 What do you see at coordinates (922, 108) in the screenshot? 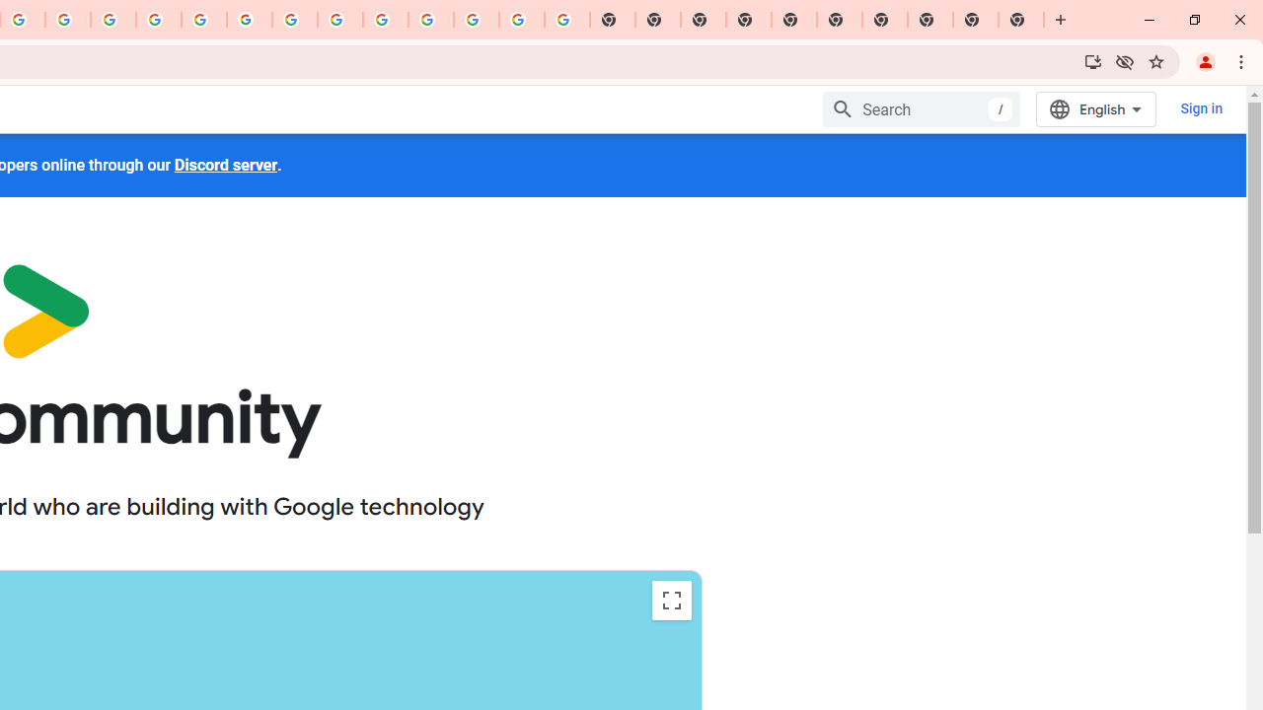
I see `'Search'` at bounding box center [922, 108].